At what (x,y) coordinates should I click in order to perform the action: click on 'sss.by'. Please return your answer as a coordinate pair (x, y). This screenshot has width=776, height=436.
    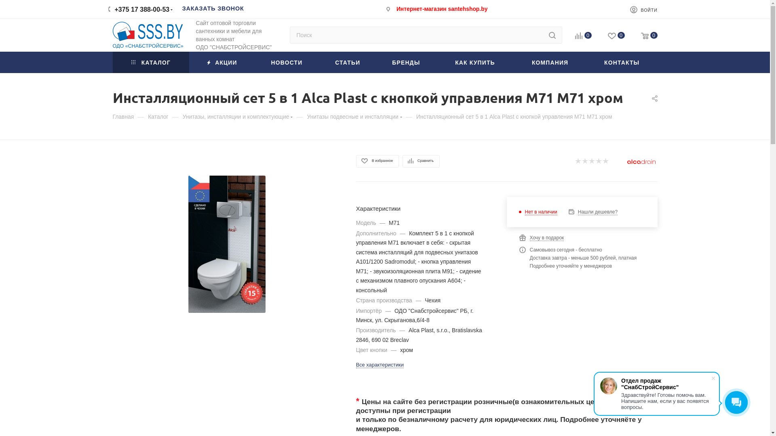
    Looking at the image, I should click on (112, 35).